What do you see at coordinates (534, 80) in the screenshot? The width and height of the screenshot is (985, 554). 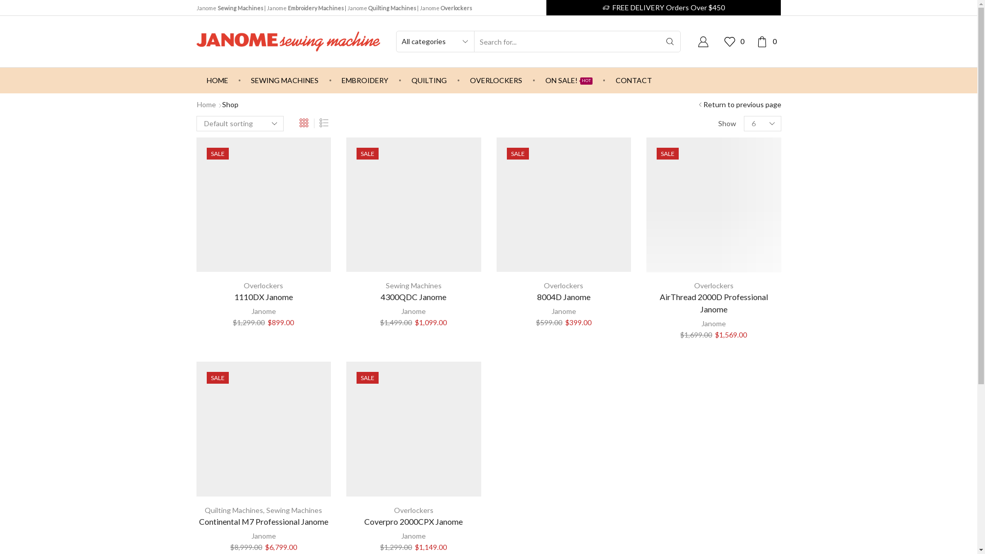 I see `'ON SALE!HOT'` at bounding box center [534, 80].